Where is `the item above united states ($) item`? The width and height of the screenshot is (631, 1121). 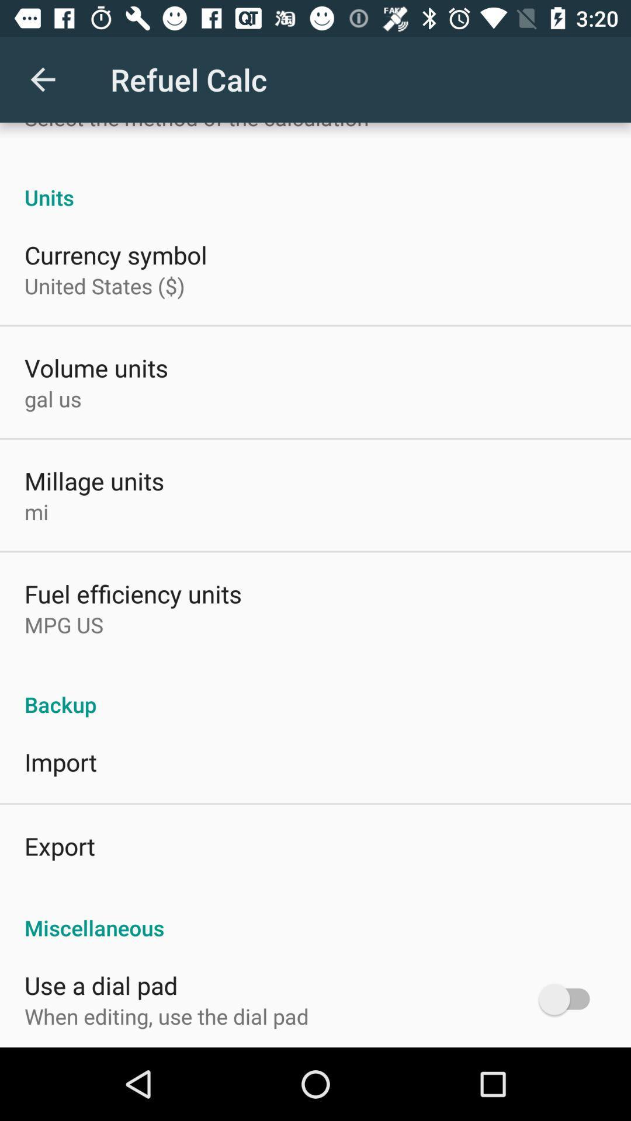
the item above united states ($) item is located at coordinates (116, 254).